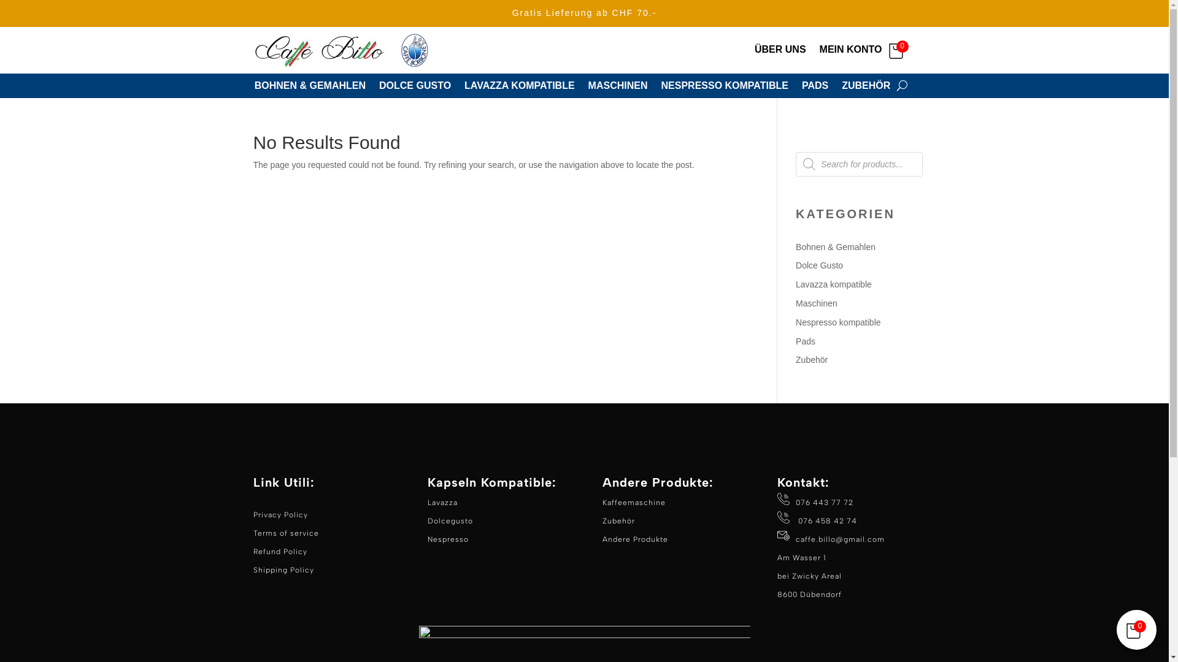 The width and height of the screenshot is (1178, 662). I want to click on 'Kaffeemaschine', so click(634, 503).